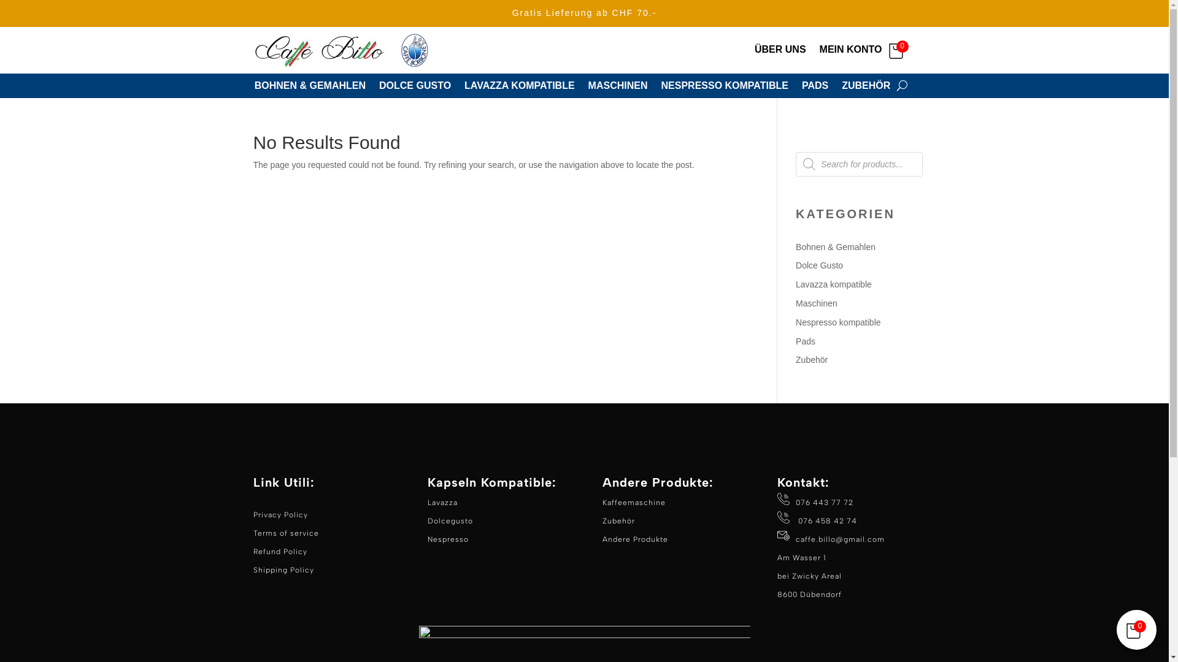 The width and height of the screenshot is (1178, 662). I want to click on 'Kaffeemaschine', so click(634, 503).